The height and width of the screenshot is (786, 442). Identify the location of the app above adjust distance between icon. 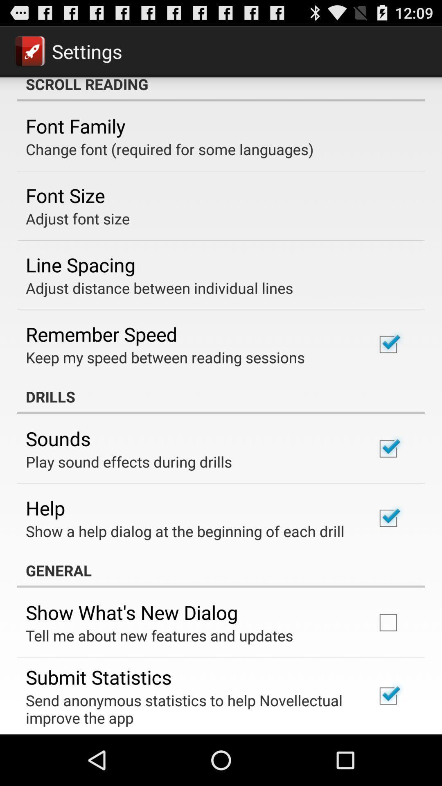
(80, 264).